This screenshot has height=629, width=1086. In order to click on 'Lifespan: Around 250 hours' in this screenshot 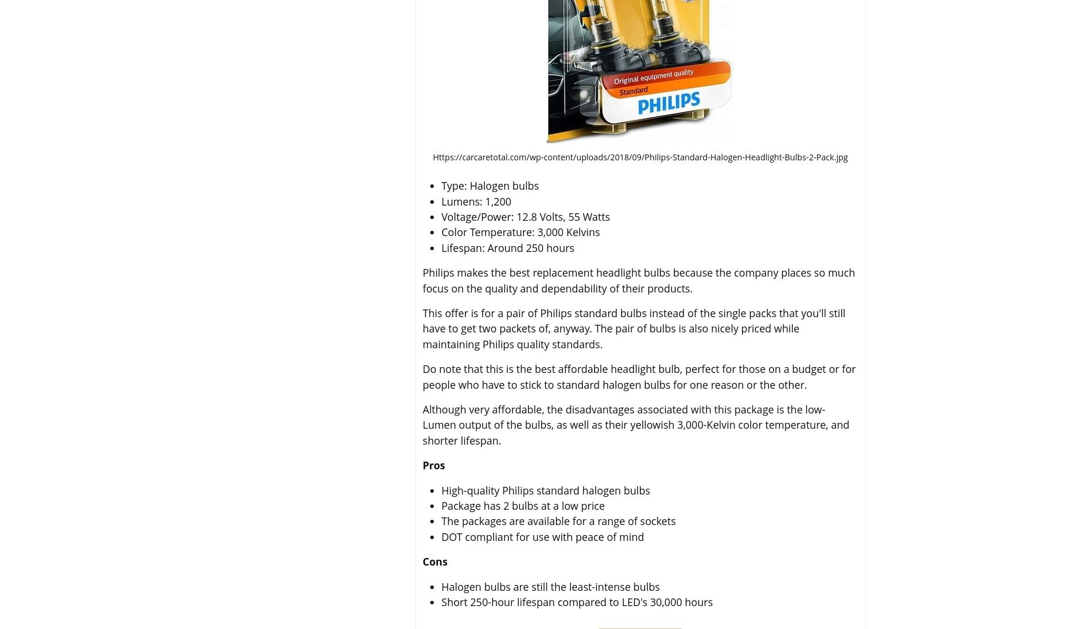, I will do `click(508, 247)`.